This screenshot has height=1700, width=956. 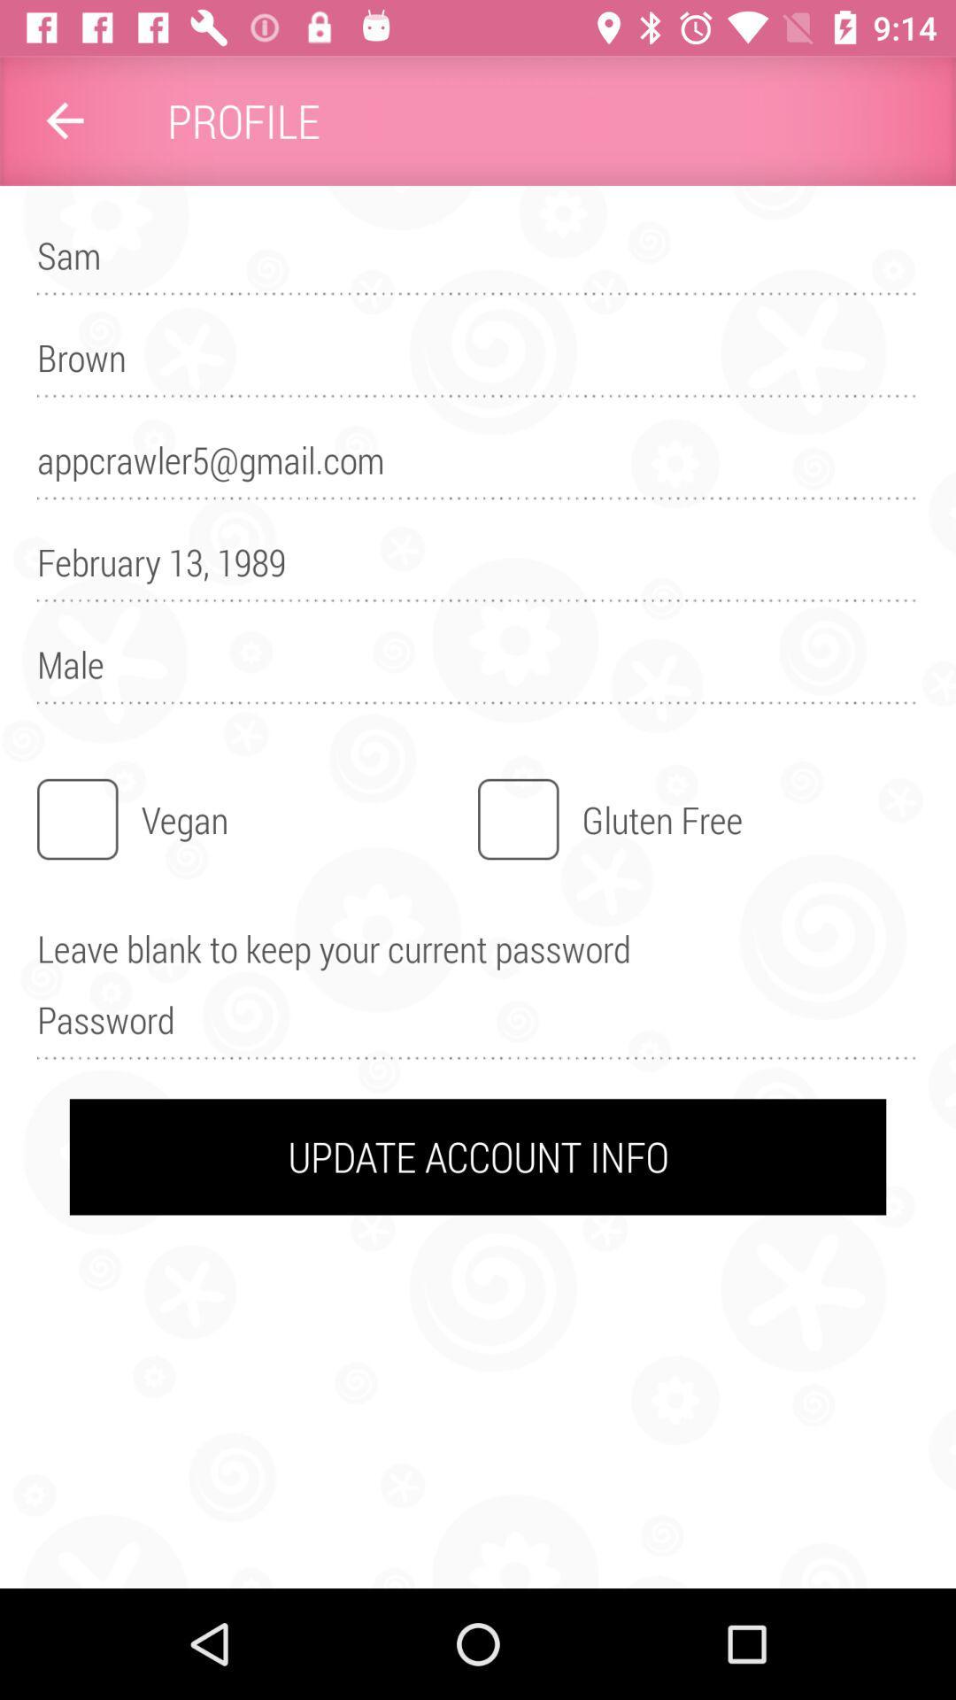 What do you see at coordinates (64, 120) in the screenshot?
I see `item above sam item` at bounding box center [64, 120].